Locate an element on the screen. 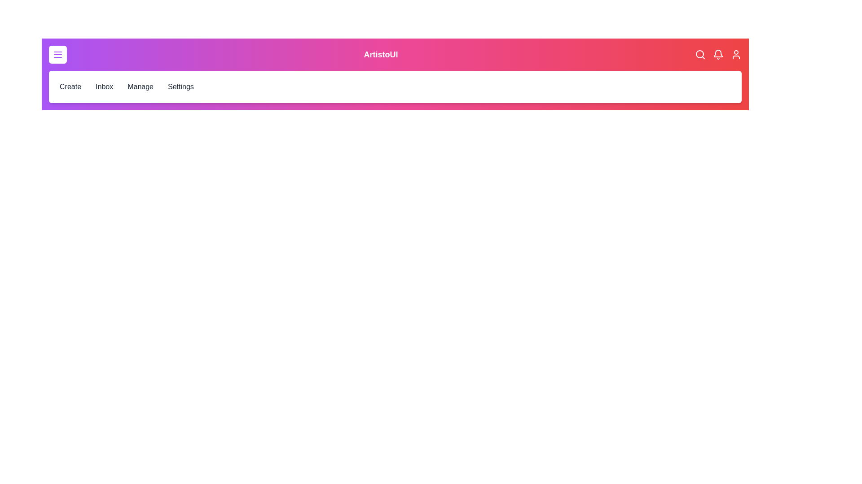 This screenshot has width=862, height=484. the header text 'ArtistoUI' is located at coordinates (381, 55).